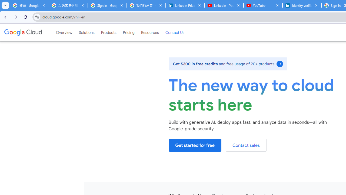 The image size is (346, 195). What do you see at coordinates (246, 145) in the screenshot?
I see `'Contact sales'` at bounding box center [246, 145].